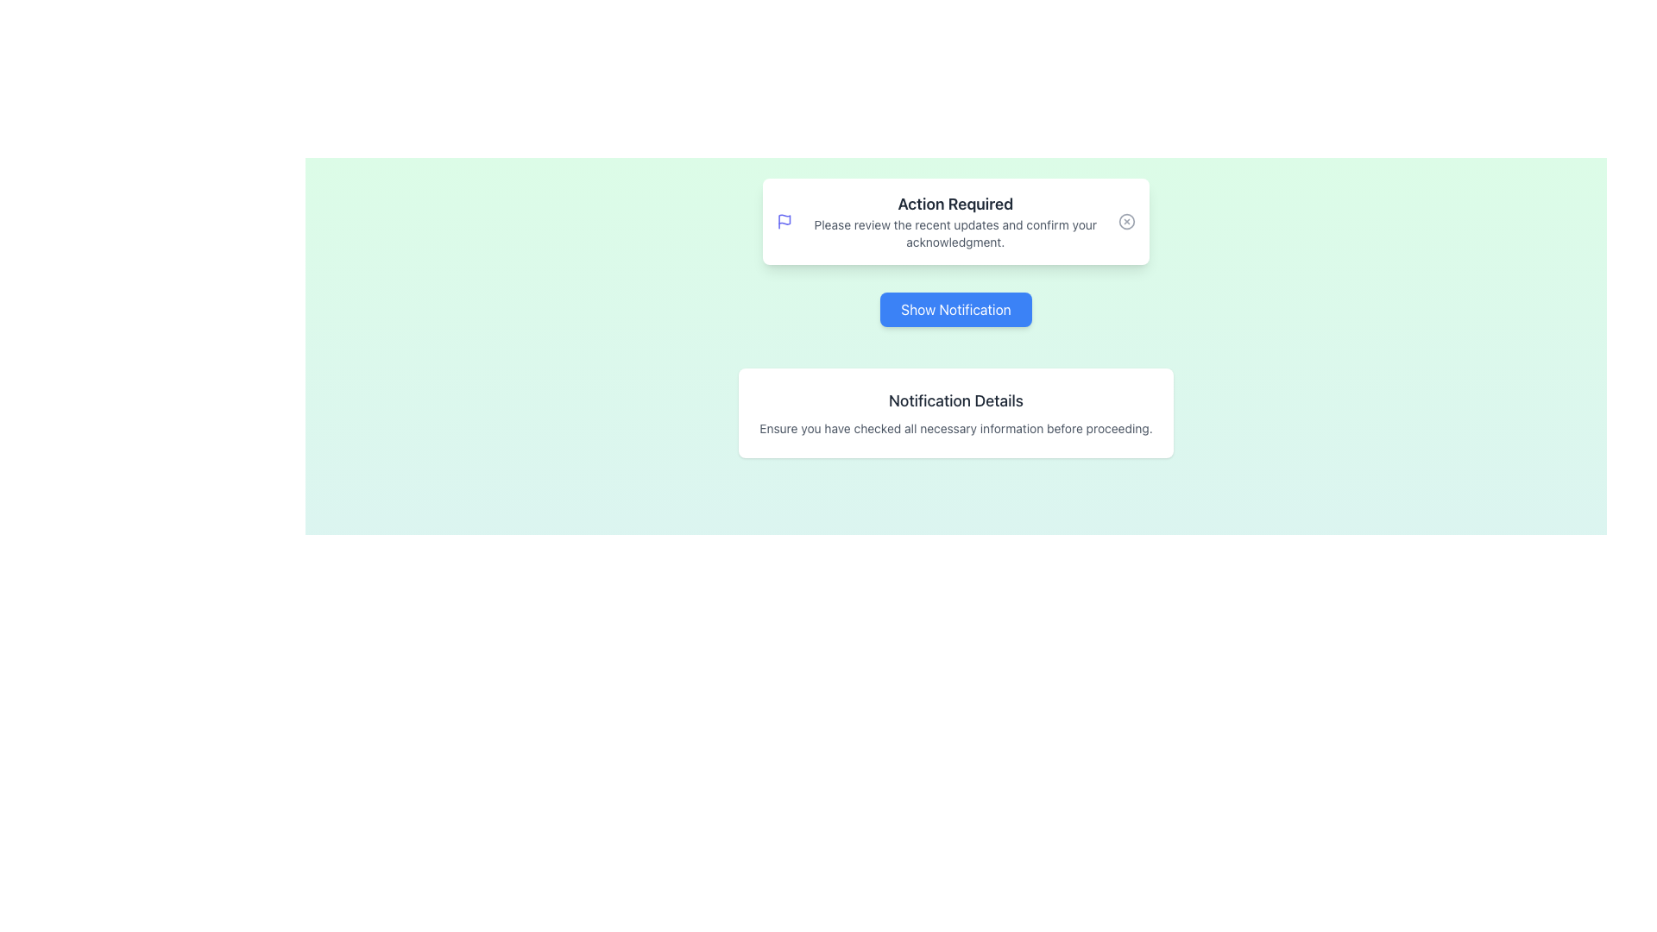 This screenshot has width=1657, height=932. Describe the element at coordinates (955, 401) in the screenshot. I see `text from the 'Notification Details' header, which is a prominent text label located above the 'Ensure you have checked all necessary information before proceeding.' text` at that location.